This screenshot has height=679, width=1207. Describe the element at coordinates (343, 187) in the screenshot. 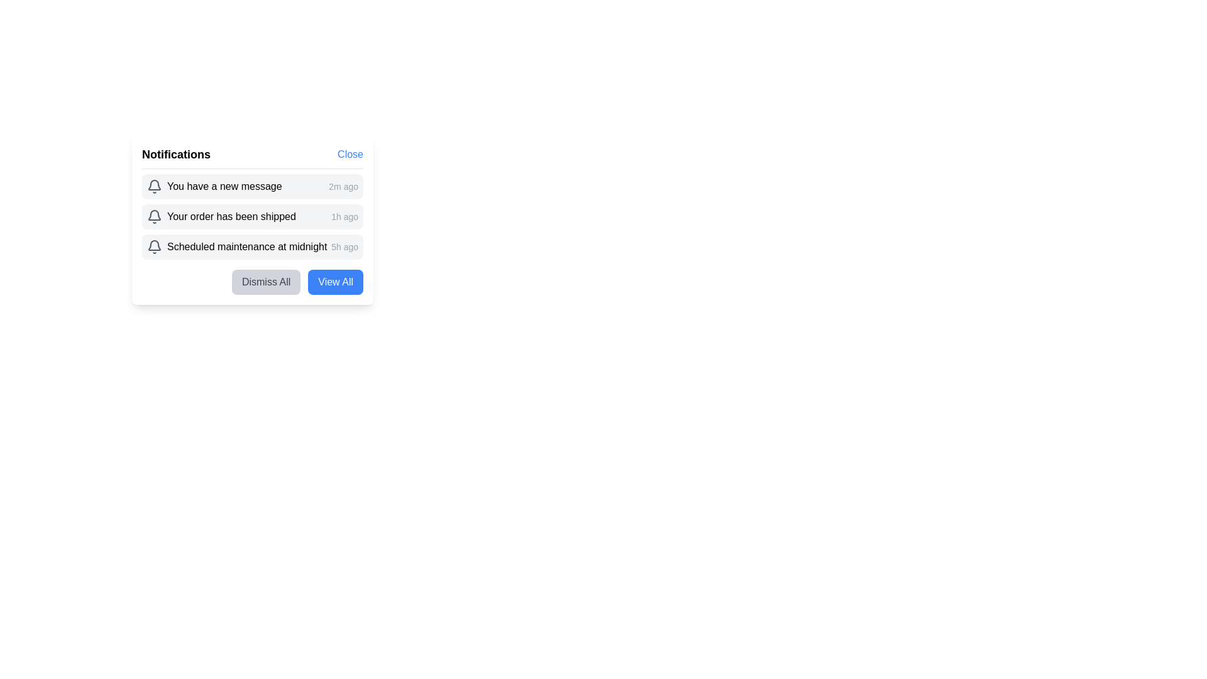

I see `the text label displaying '2m ago' which indicates the time since a notification was received, located at the right end of the notification item under the notifications panel` at that location.